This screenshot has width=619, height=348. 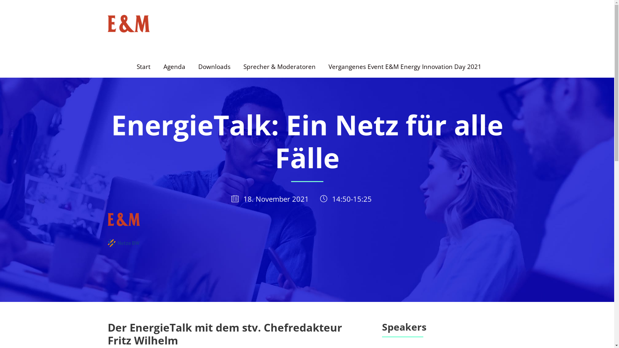 What do you see at coordinates (214, 70) in the screenshot?
I see `'Downloads'` at bounding box center [214, 70].